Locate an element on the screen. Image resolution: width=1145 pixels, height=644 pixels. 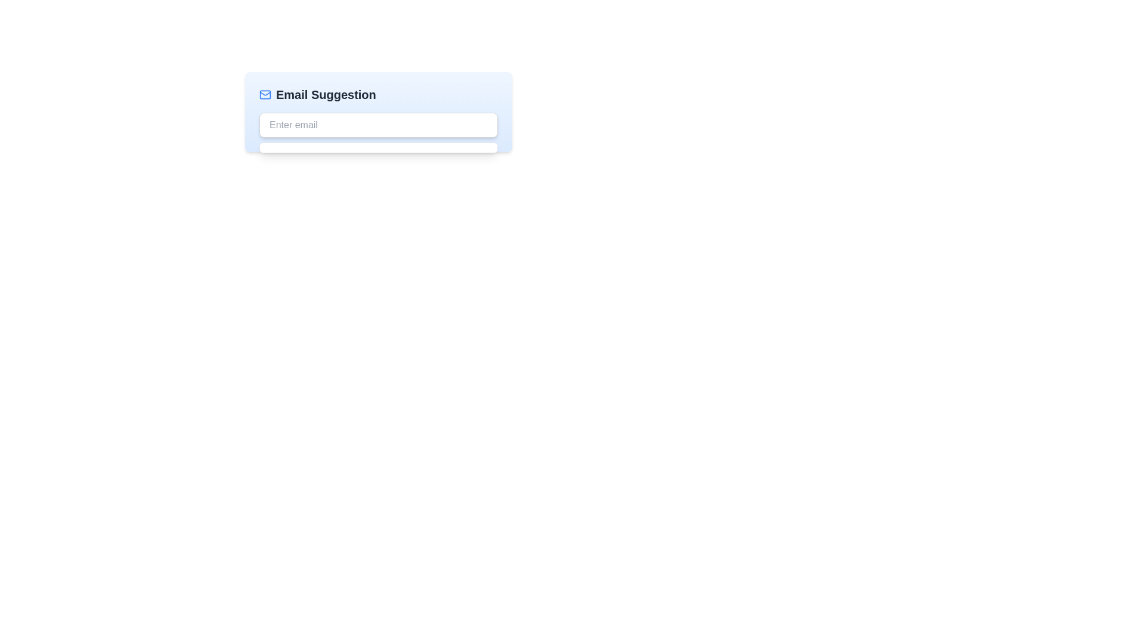
the email icon that is visually associated with the 'Email Suggestion' text, located at the top-left corner of the interface is located at coordinates (265, 94).